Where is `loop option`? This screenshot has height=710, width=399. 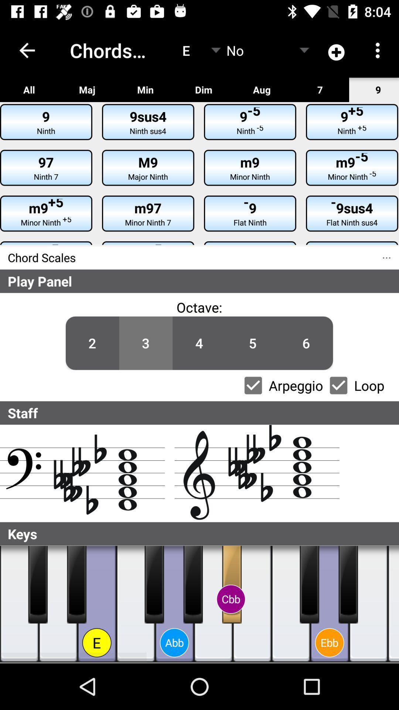
loop option is located at coordinates (338, 385).